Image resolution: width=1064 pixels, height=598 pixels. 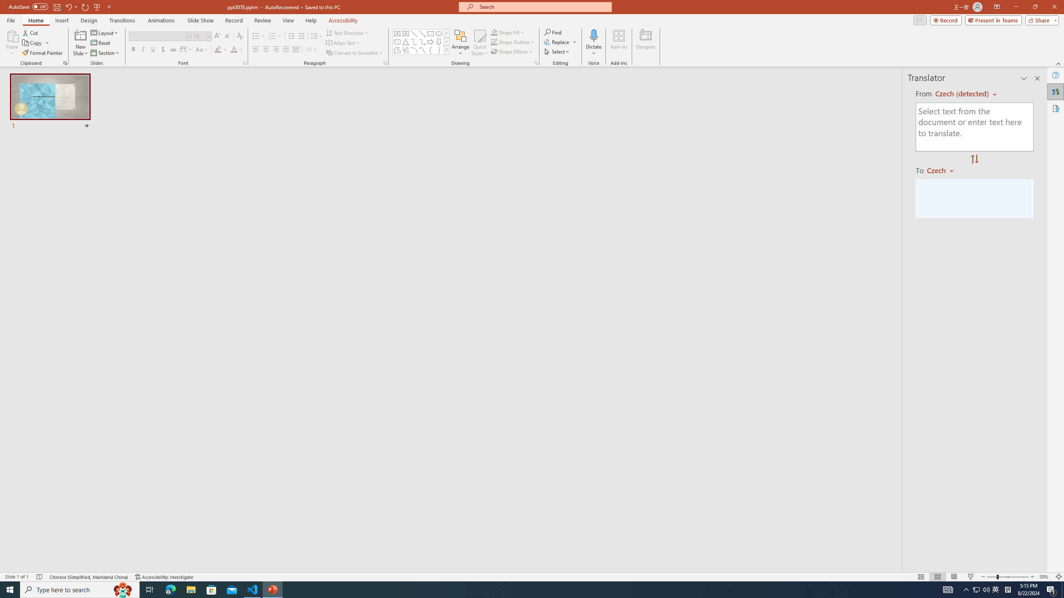 I want to click on 'Shape Outline', so click(x=512, y=41).